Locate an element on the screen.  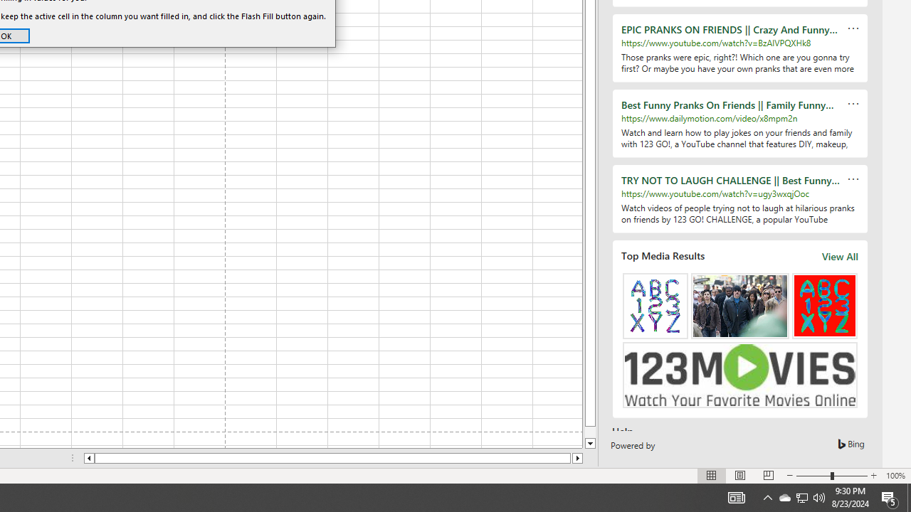
'User Promoted Notification Area' is located at coordinates (802, 496).